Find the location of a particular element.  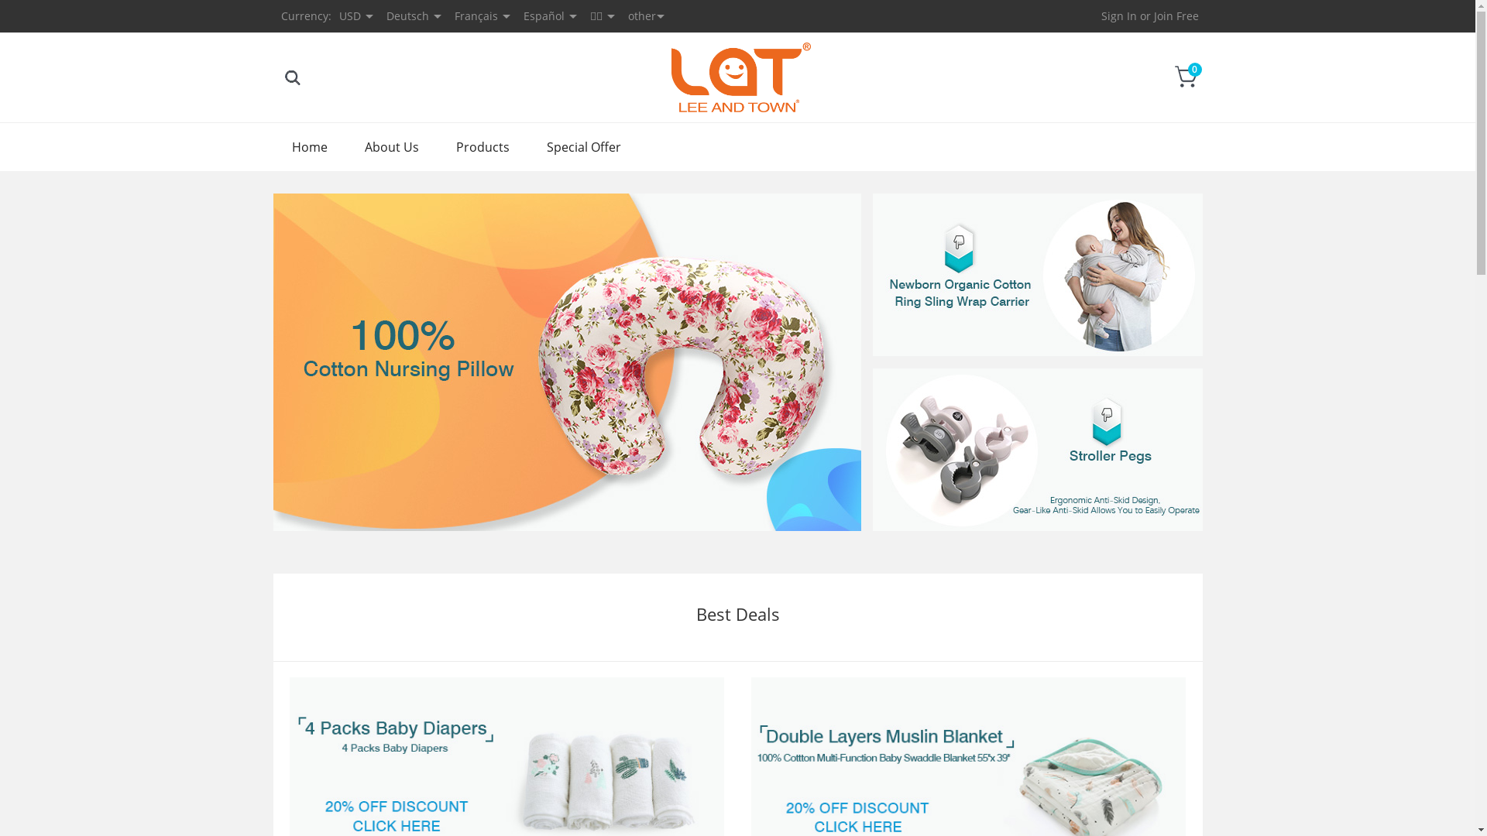

'Products' is located at coordinates (481, 146).